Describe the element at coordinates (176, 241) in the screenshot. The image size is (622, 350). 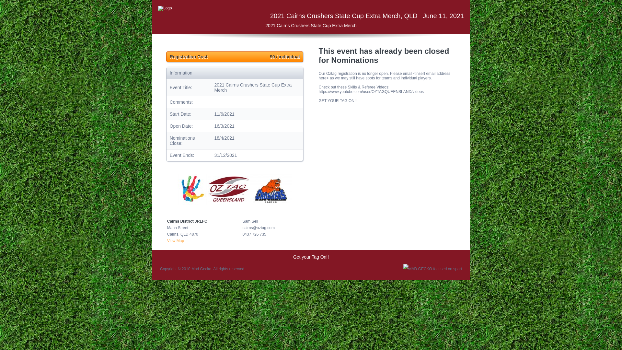
I see `'View Map'` at that location.